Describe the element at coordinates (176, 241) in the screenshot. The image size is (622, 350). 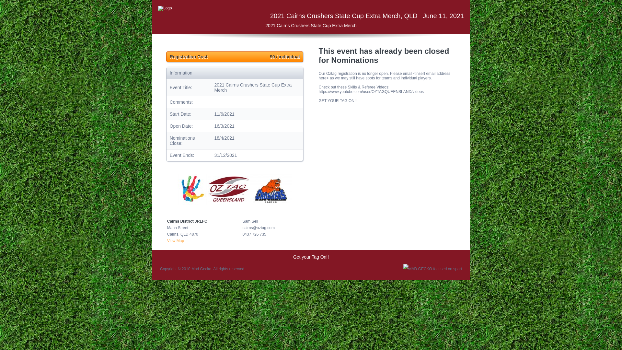
I see `'View Map'` at that location.